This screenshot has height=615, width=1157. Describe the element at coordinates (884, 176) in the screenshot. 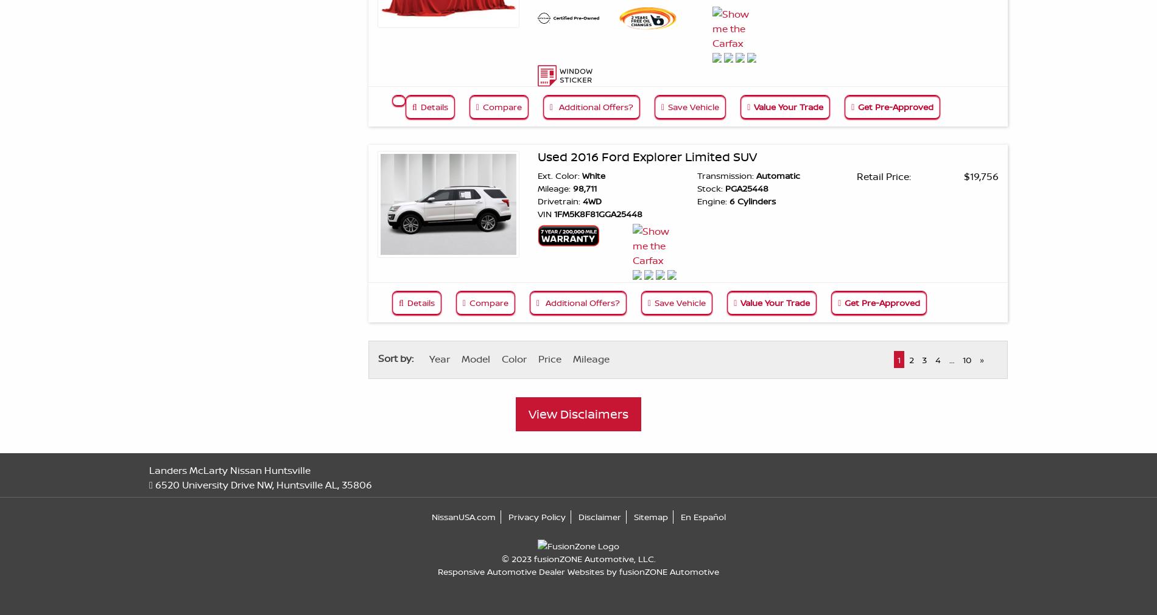

I see `'Retail Price:'` at that location.